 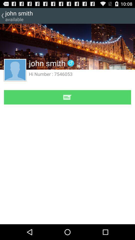 I want to click on the item next to the john smith icon, so click(x=70, y=63).